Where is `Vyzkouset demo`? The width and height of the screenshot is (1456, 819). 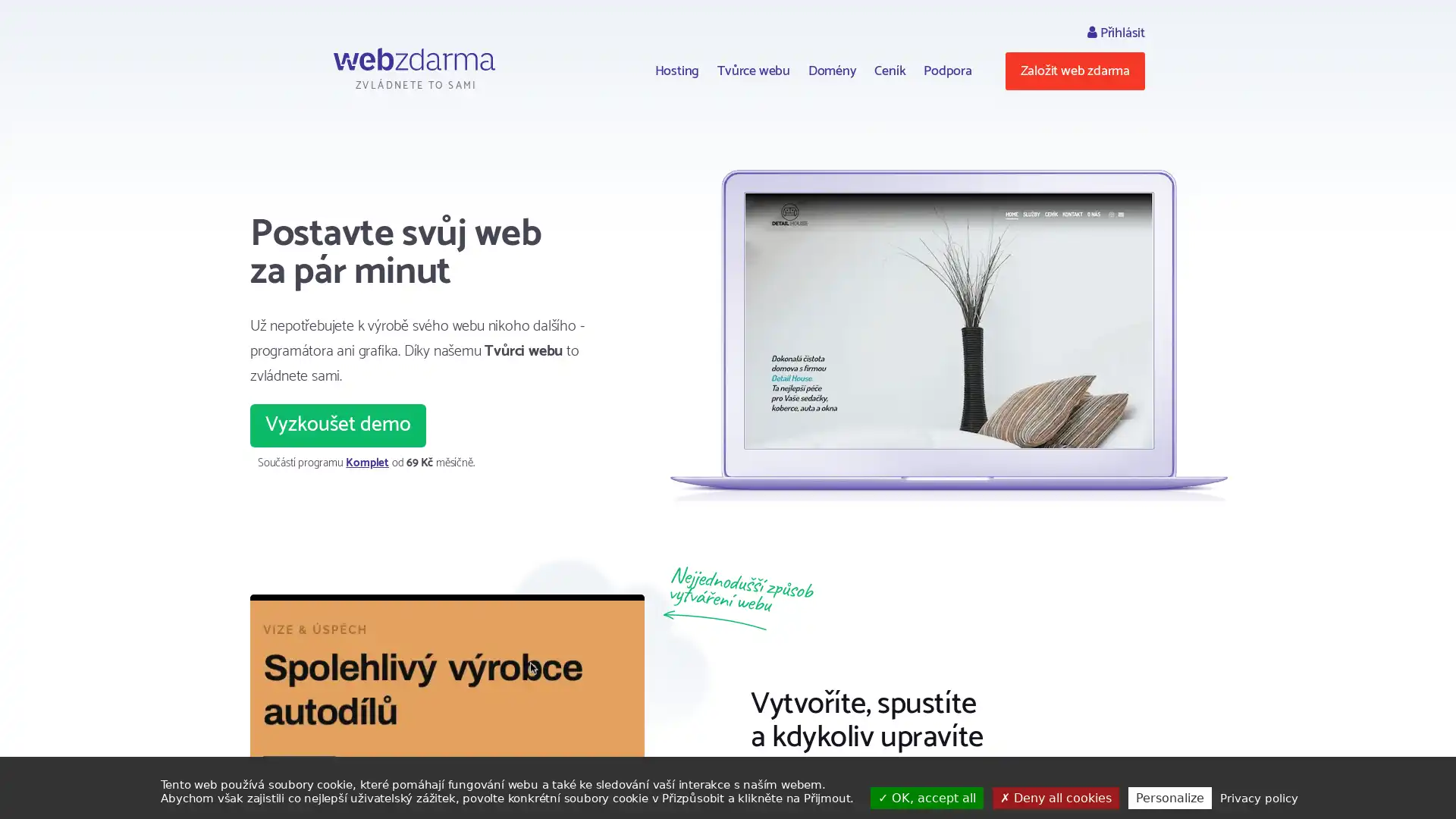
Vyzkouset demo is located at coordinates (337, 425).